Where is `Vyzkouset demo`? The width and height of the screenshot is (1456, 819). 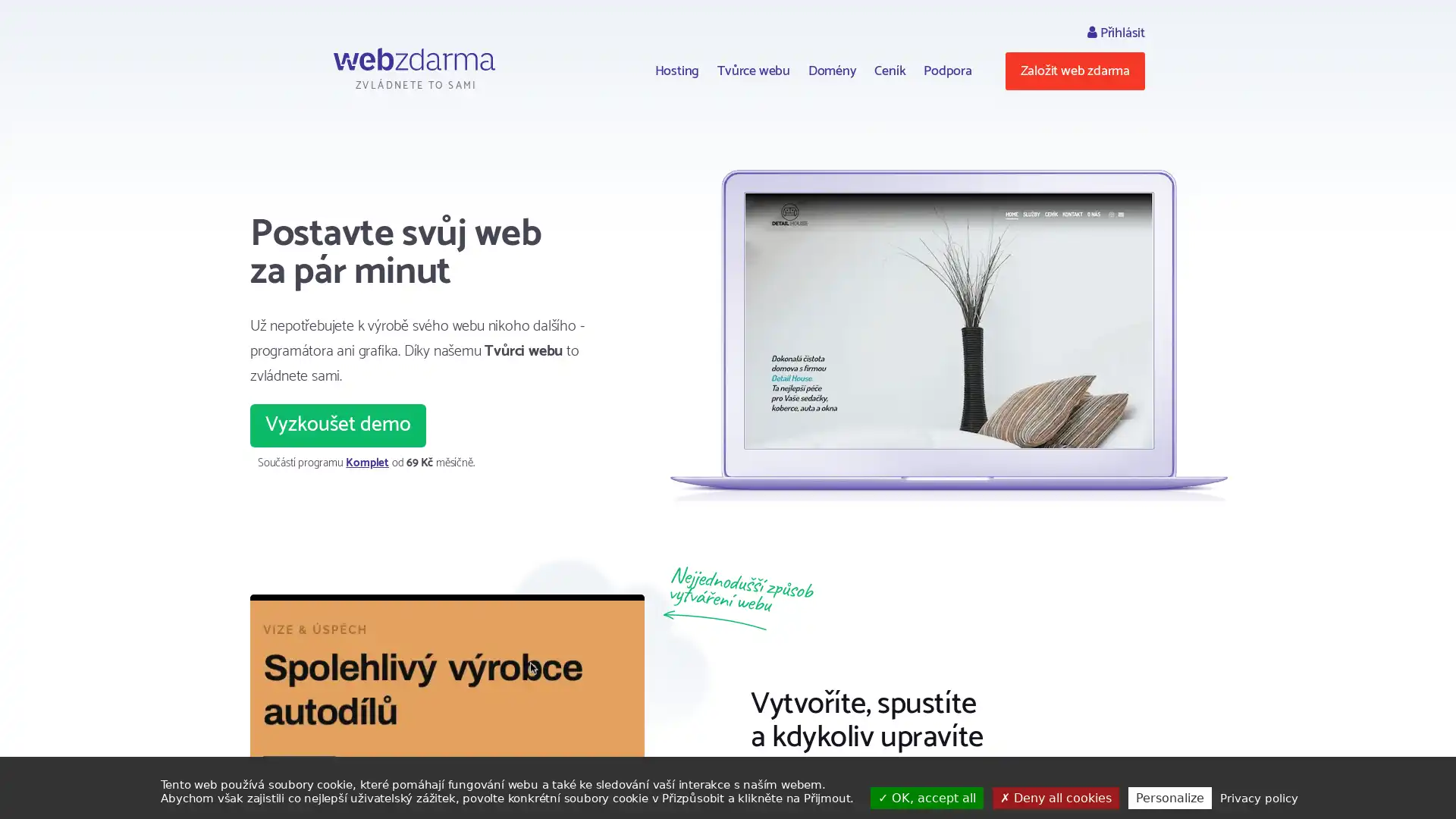
Vyzkouset demo is located at coordinates (337, 425).